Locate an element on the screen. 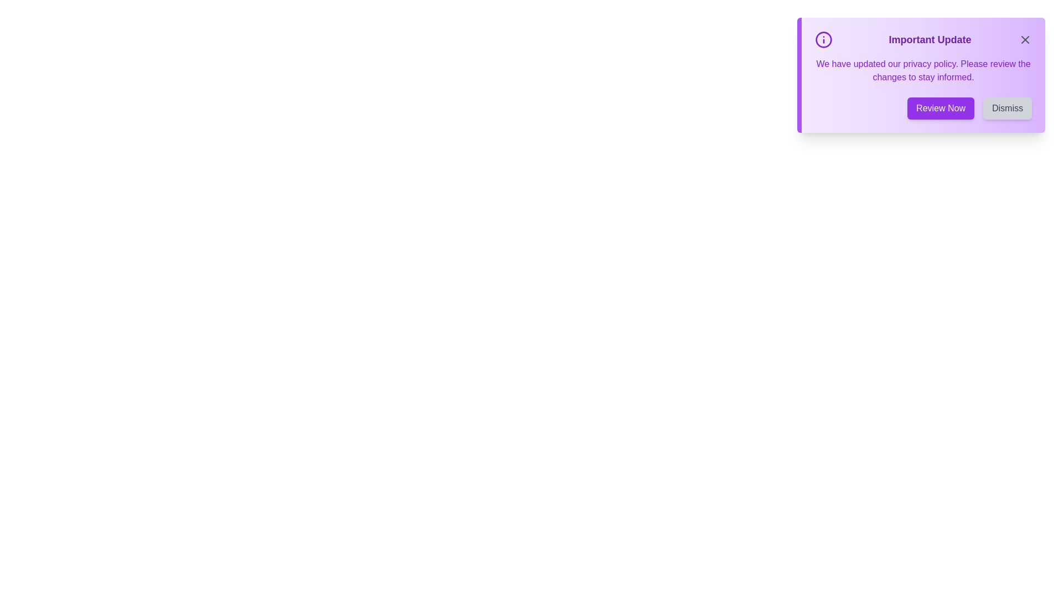 Image resolution: width=1063 pixels, height=598 pixels. the close button to hide the notification is located at coordinates (1025, 39).